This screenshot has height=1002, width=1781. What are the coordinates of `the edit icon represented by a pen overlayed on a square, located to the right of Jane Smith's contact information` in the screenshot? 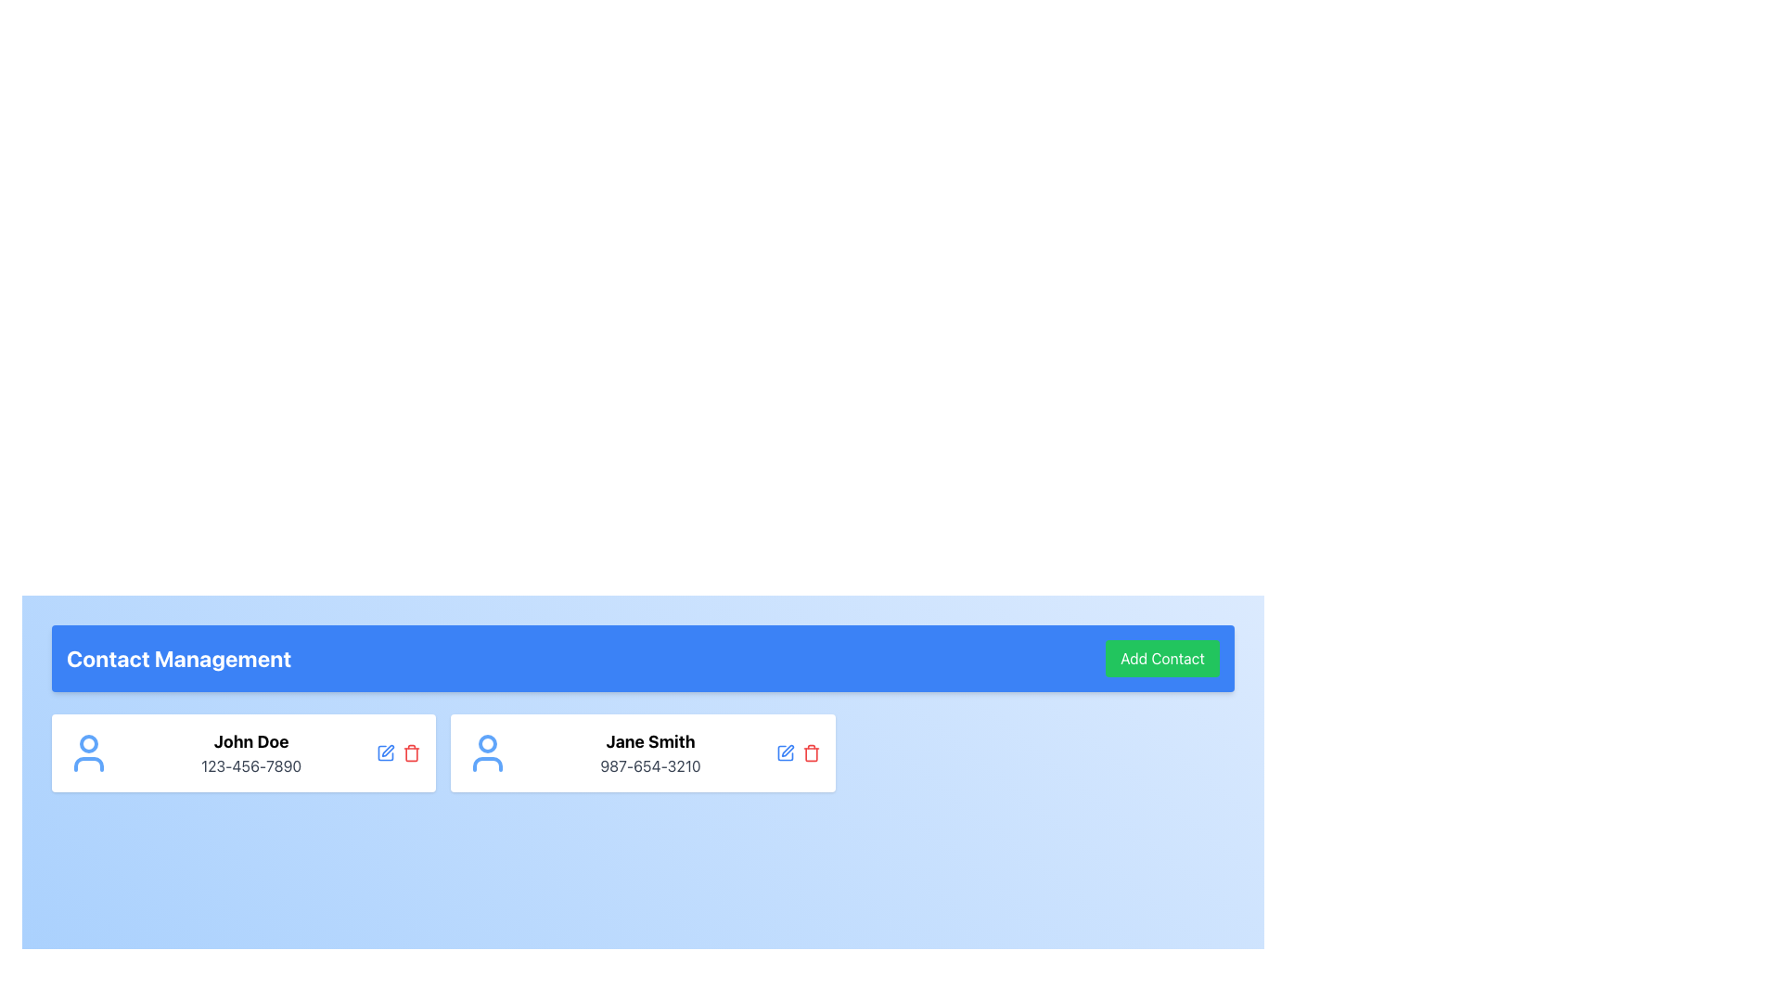 It's located at (788, 750).